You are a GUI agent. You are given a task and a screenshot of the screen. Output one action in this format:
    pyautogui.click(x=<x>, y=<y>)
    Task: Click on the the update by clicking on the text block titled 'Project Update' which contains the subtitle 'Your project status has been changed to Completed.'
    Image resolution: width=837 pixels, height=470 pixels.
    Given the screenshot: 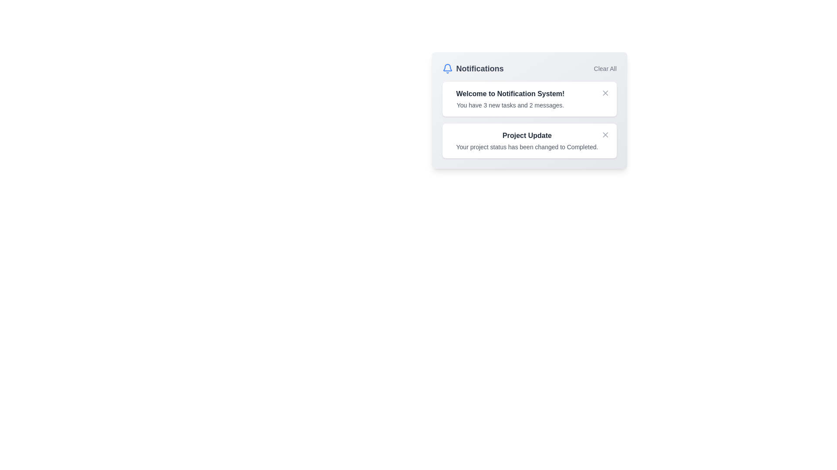 What is the action you would take?
    pyautogui.click(x=527, y=141)
    